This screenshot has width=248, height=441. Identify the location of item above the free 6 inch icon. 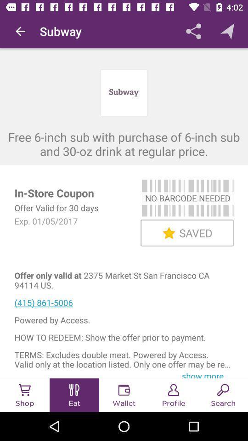
(20, 31).